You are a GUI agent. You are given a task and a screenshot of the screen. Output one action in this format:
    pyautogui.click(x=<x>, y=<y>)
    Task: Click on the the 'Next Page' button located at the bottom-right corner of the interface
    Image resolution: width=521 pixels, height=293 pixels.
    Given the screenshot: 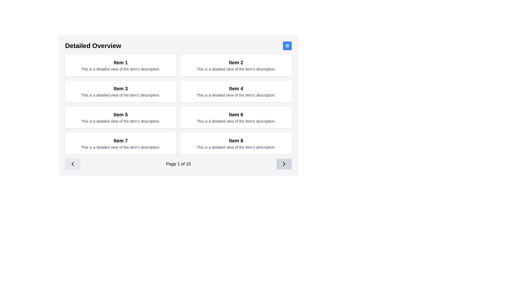 What is the action you would take?
    pyautogui.click(x=284, y=164)
    